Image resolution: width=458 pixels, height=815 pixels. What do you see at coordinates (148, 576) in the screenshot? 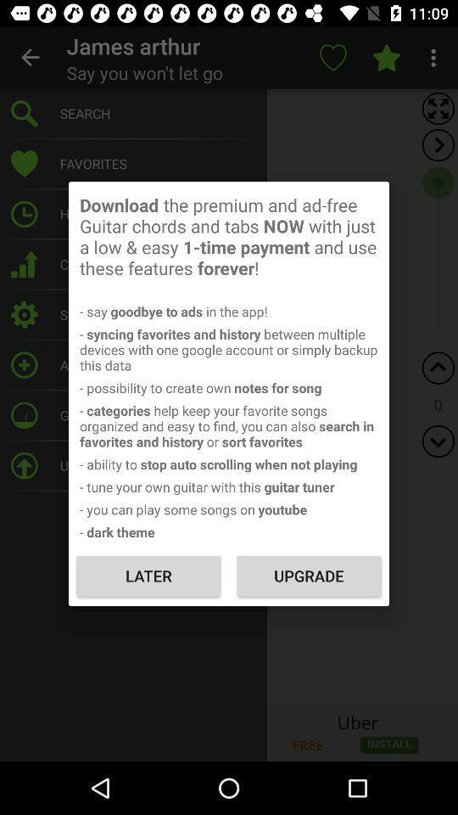
I see `the later` at bounding box center [148, 576].